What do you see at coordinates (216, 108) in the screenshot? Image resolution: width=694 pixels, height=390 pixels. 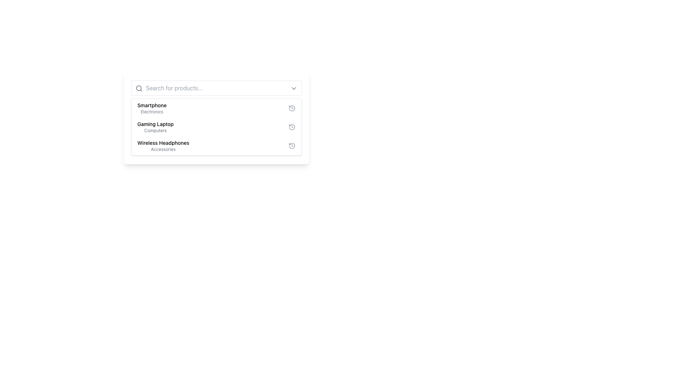 I see `the first item in the selectable list representing a smartphone category, located in a white box with rounded corners, above 'Gaming Laptop - Computers'` at bounding box center [216, 108].